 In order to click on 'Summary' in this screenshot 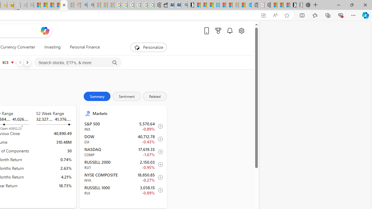, I will do `click(97, 96)`.